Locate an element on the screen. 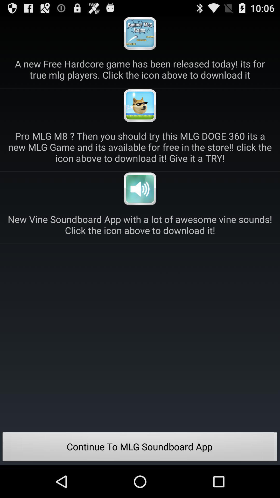 This screenshot has width=280, height=498. link to download app is located at coordinates (140, 189).